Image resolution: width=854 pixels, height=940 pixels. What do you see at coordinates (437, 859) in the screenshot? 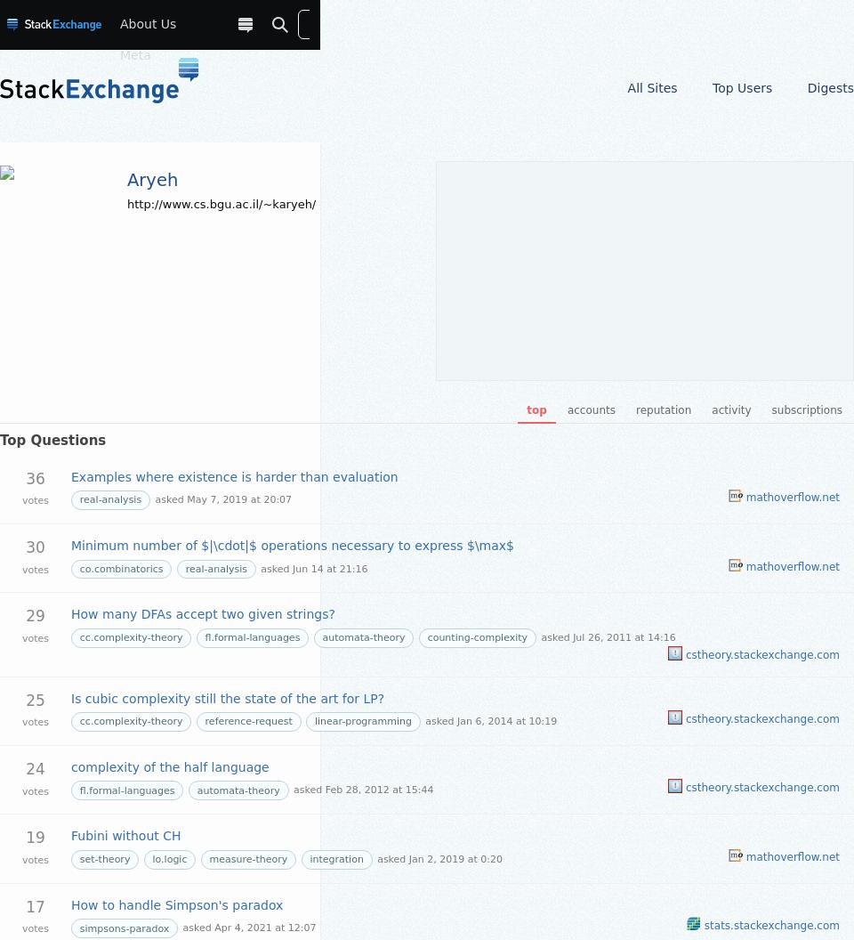
I see `'asked Jan 2, 2019 at 0:20'` at bounding box center [437, 859].